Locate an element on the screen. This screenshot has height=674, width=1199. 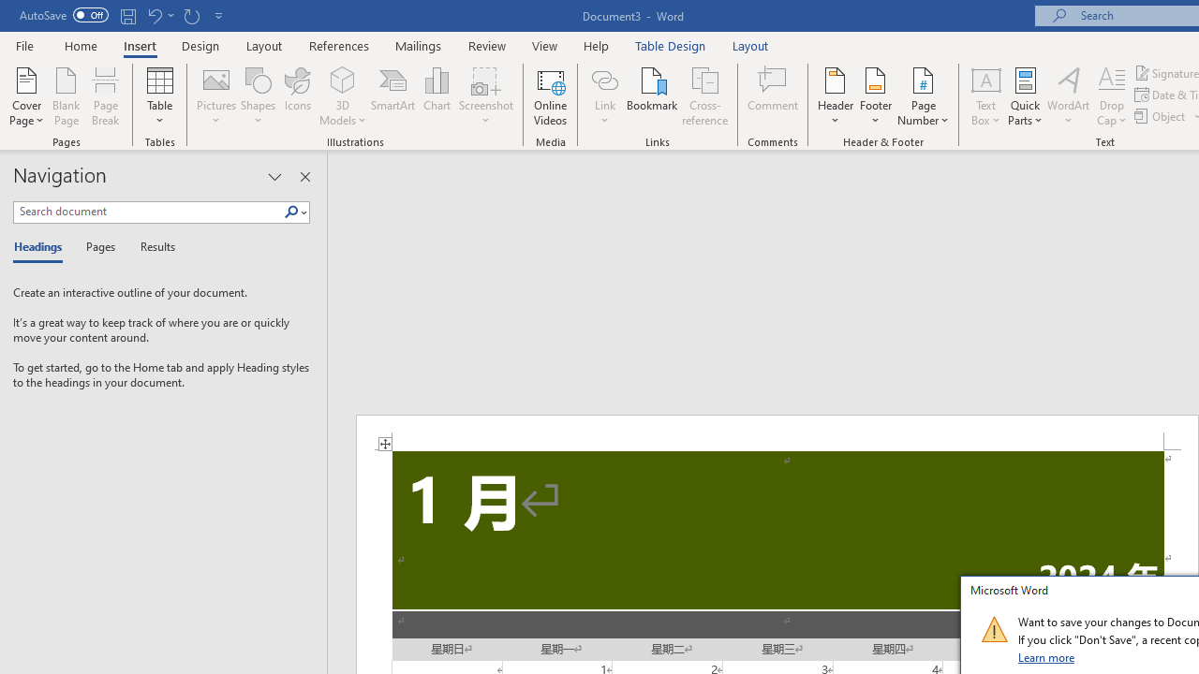
'Search' is located at coordinates (294, 212).